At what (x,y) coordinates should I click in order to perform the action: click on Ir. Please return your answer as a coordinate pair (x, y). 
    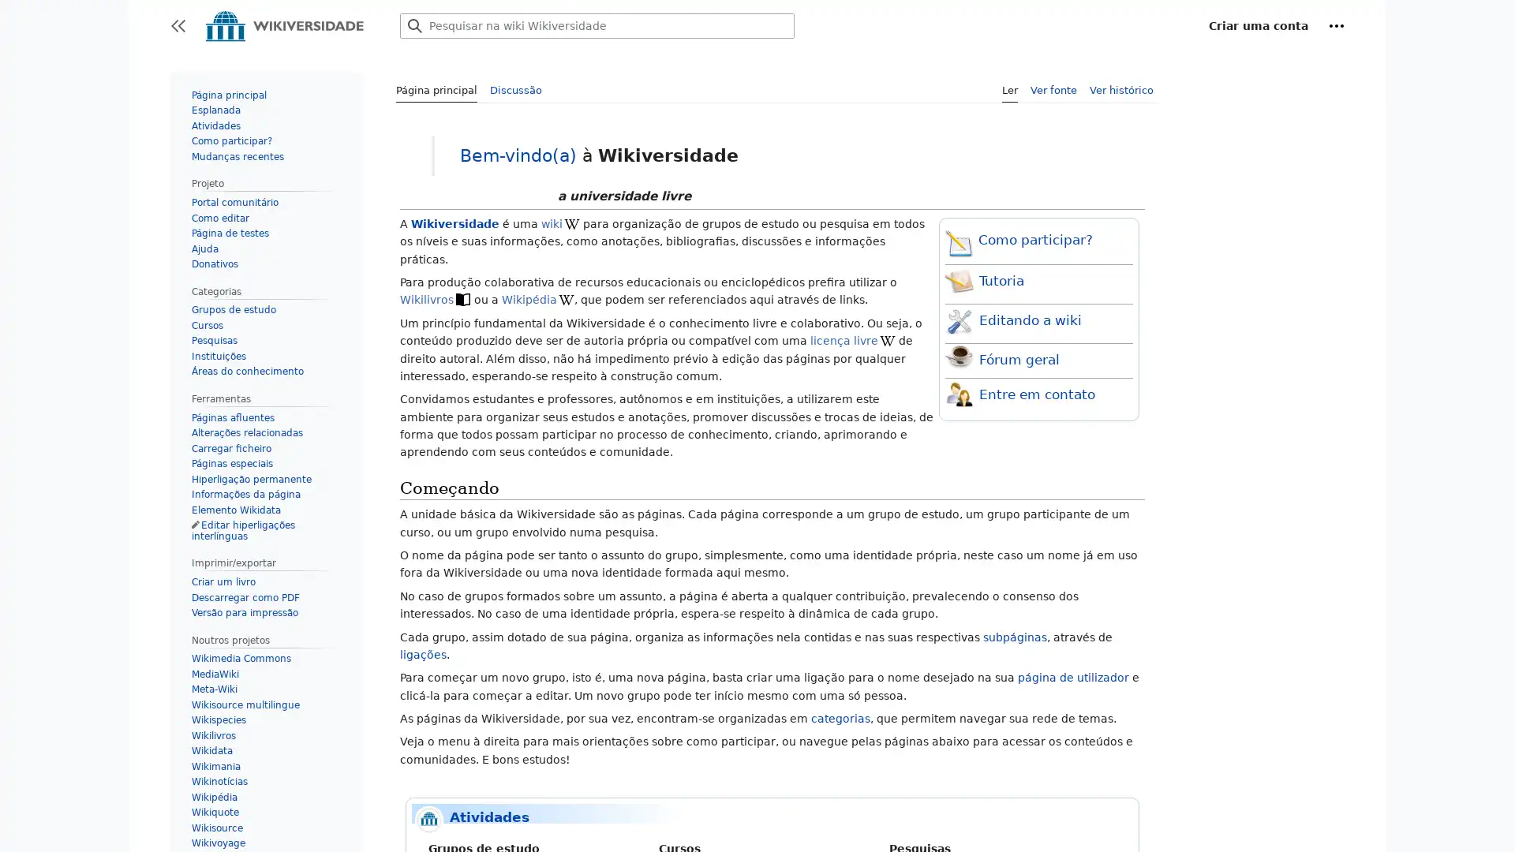
    Looking at the image, I should click on (415, 26).